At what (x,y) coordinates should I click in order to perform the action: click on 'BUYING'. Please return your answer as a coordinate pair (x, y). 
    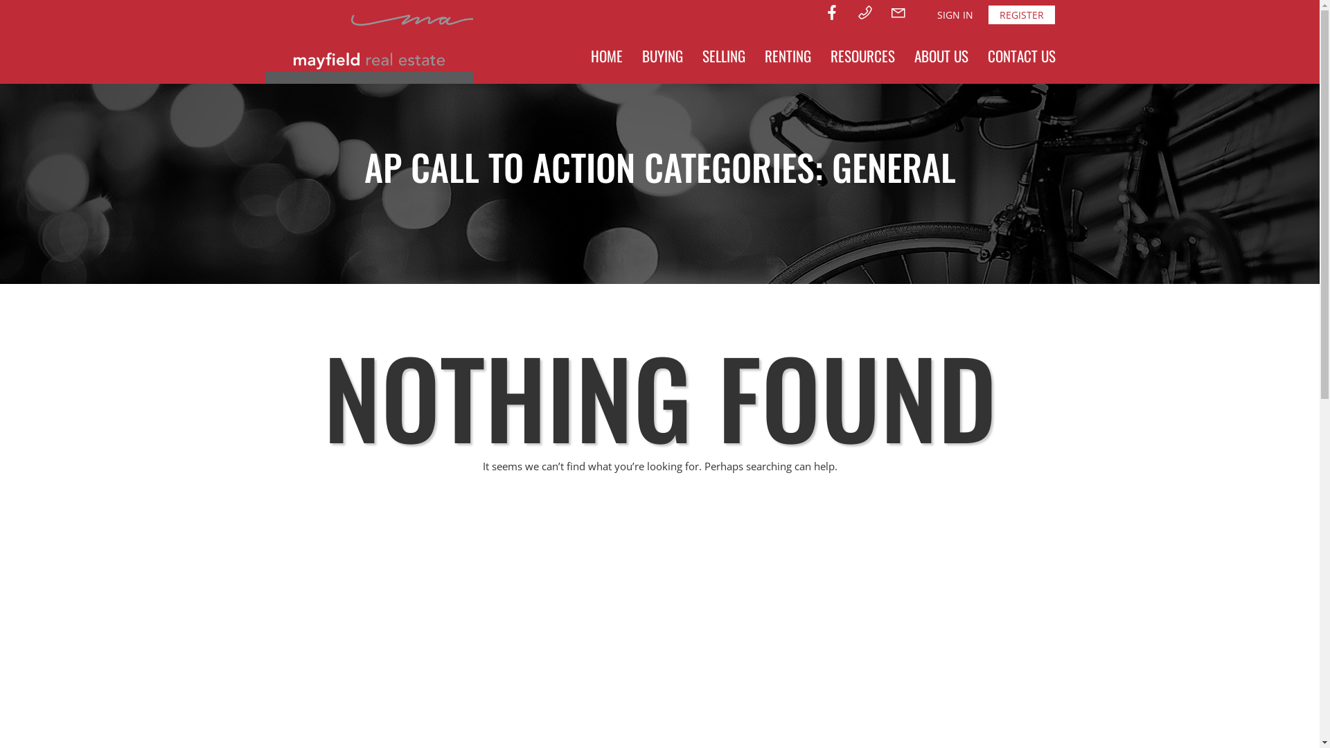
    Looking at the image, I should click on (661, 55).